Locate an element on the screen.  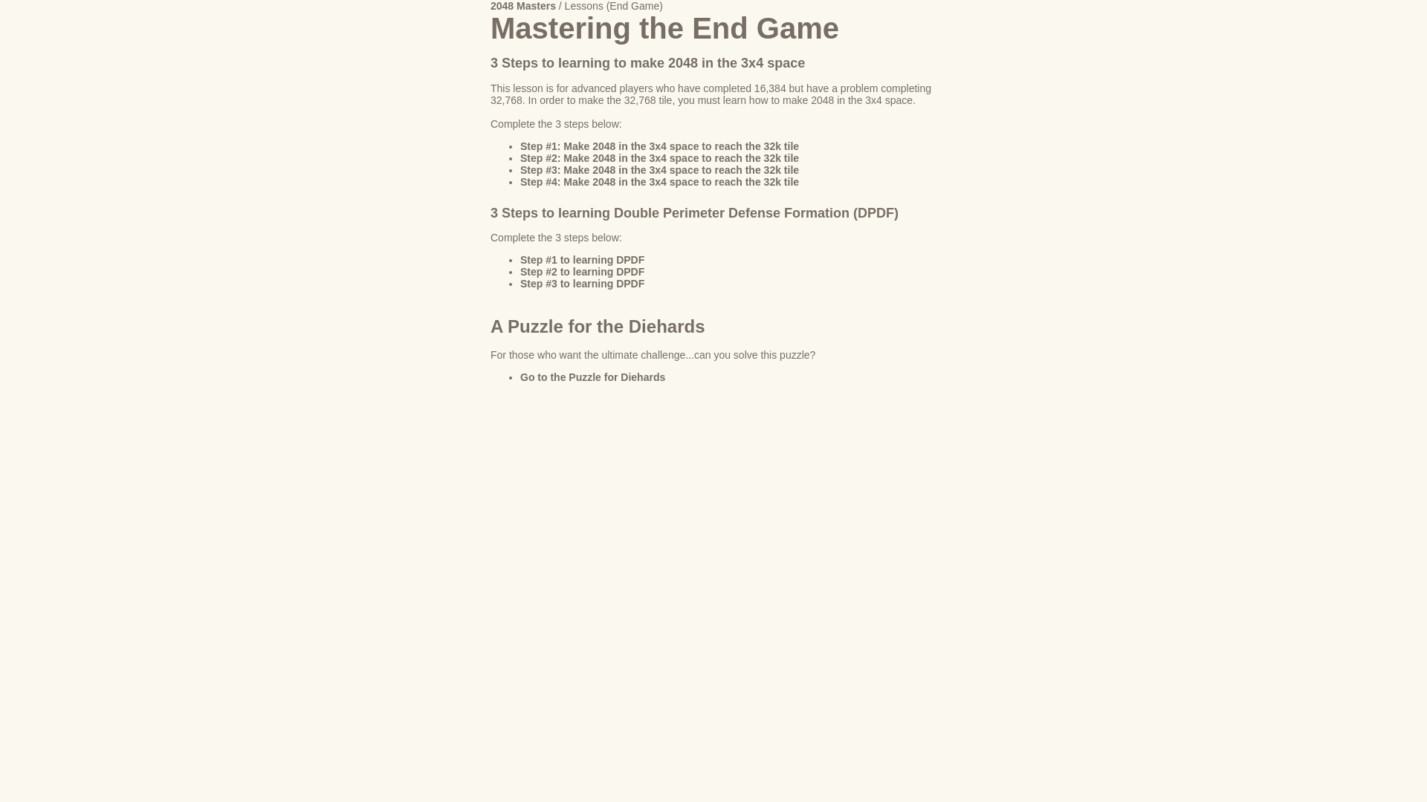
'Step #3 to learning DPDF' is located at coordinates (581, 283).